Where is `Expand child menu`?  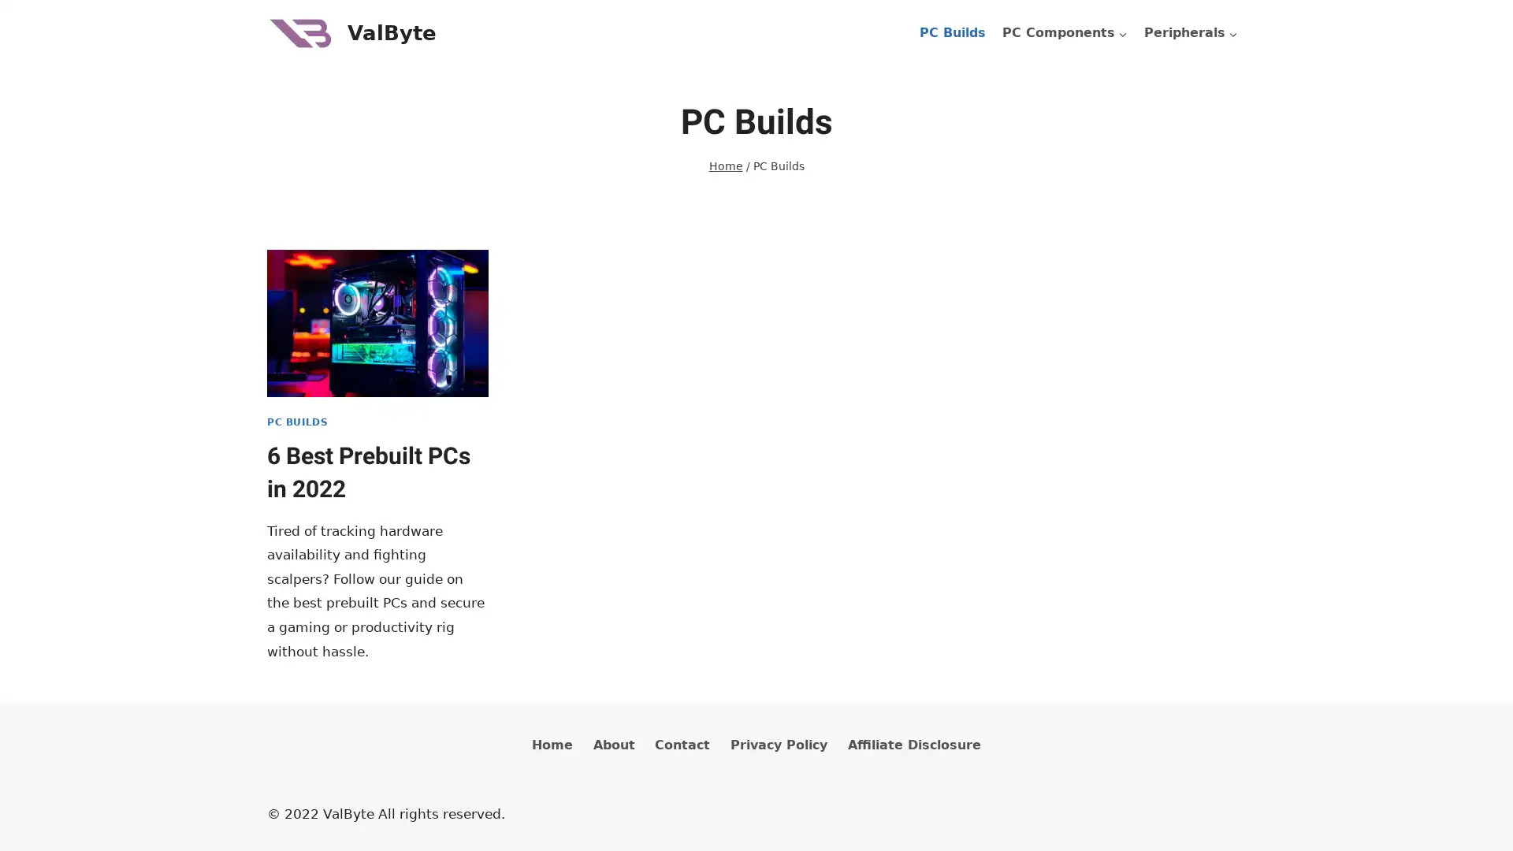 Expand child menu is located at coordinates (1191, 33).